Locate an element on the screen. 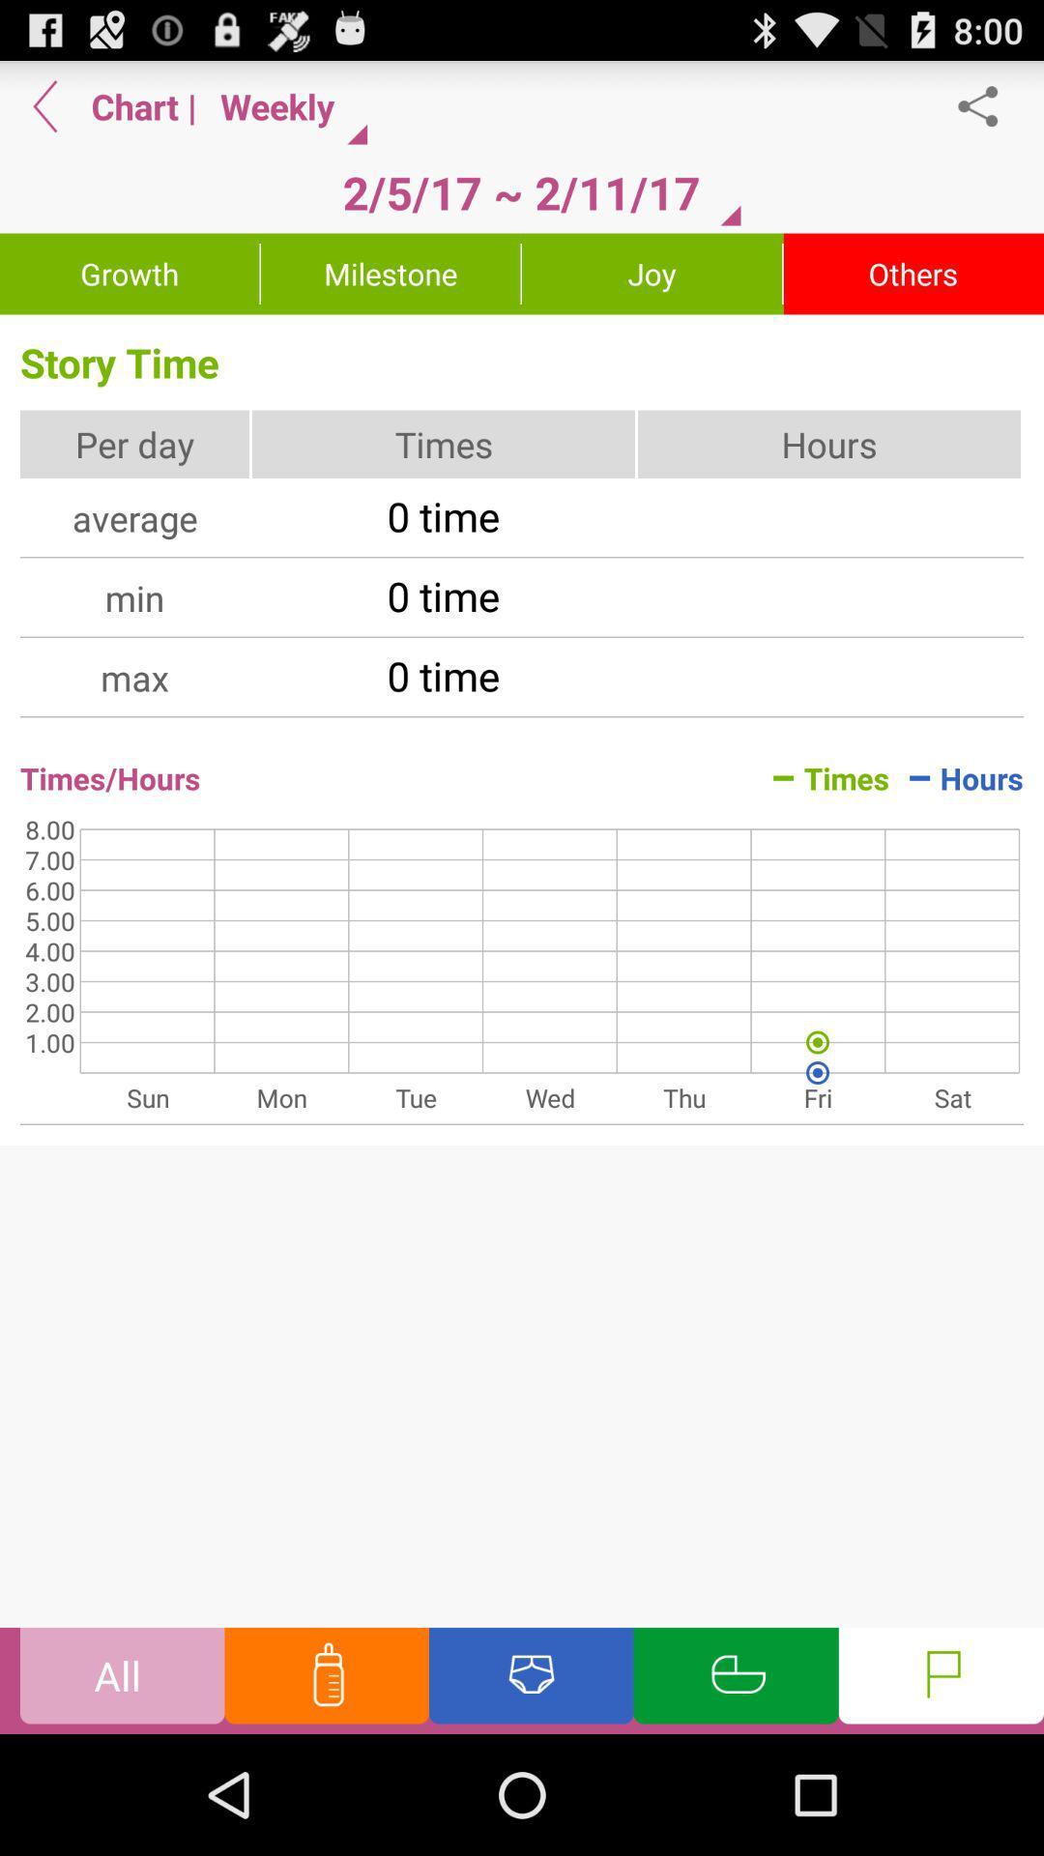 Image resolution: width=1044 pixels, height=1856 pixels. the item above milestone button is located at coordinates (520, 192).